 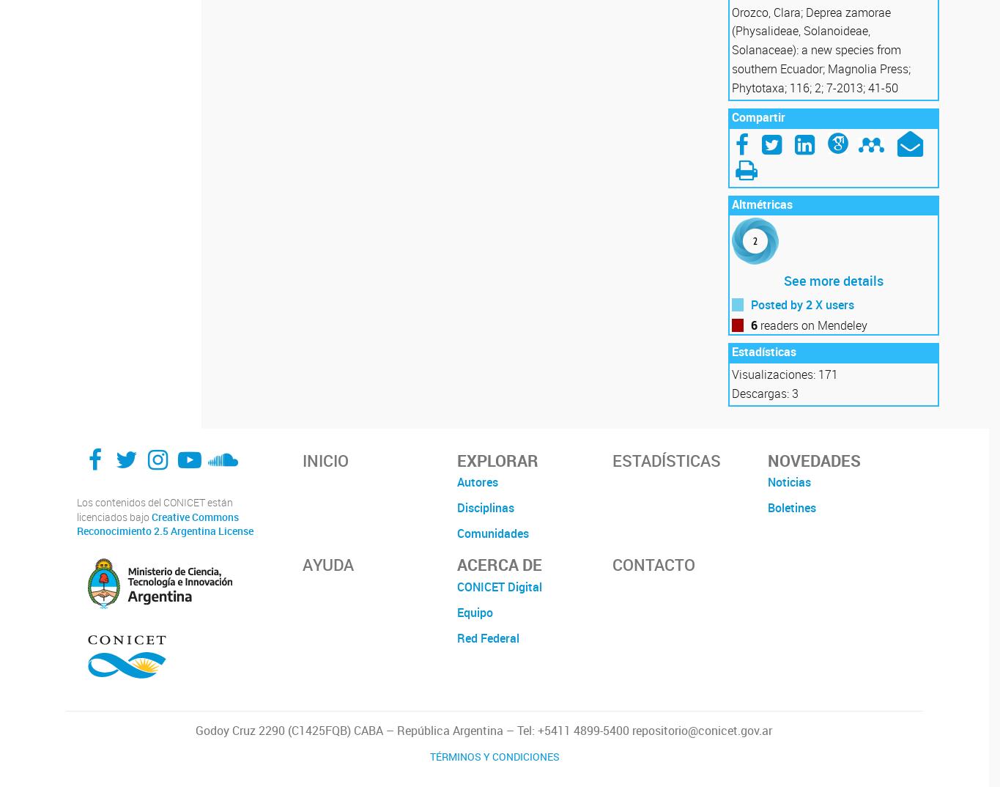 What do you see at coordinates (478, 481) in the screenshot?
I see `'Autores'` at bounding box center [478, 481].